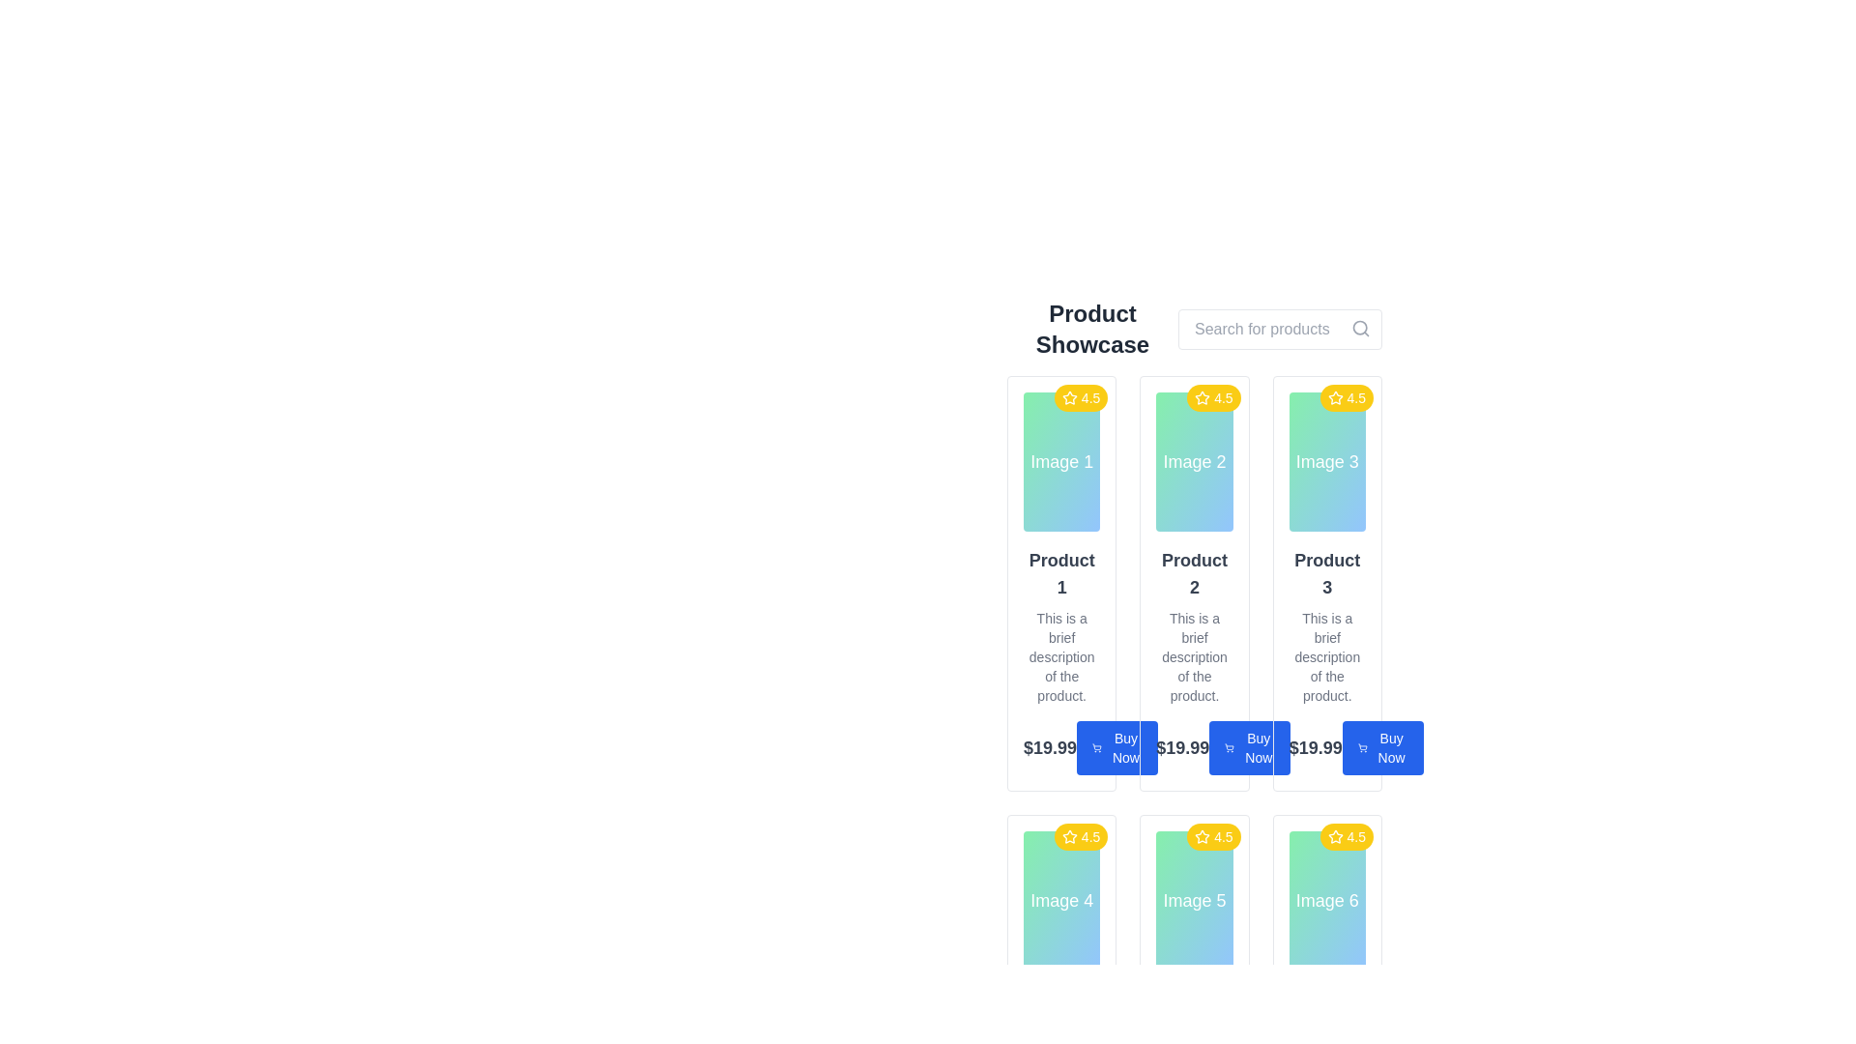  I want to click on the price label for 'Product 3', which is located in the bottom section of the product card, to the left of the 'Buy Now' button, so click(1315, 747).